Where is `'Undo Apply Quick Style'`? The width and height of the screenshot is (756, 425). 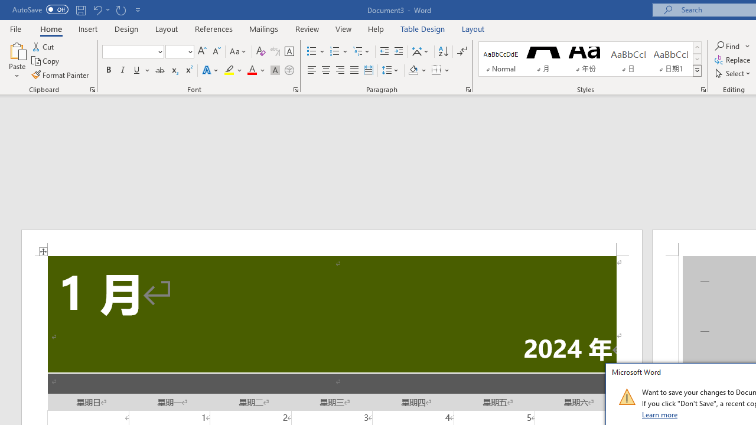
'Undo Apply Quick Style' is located at coordinates (100, 9).